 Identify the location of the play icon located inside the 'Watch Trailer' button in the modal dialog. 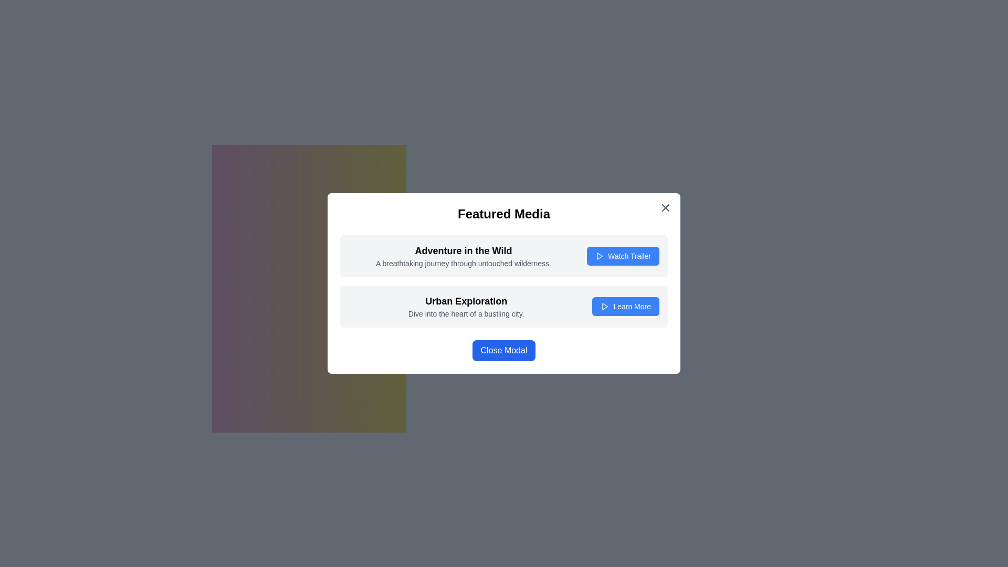
(600, 256).